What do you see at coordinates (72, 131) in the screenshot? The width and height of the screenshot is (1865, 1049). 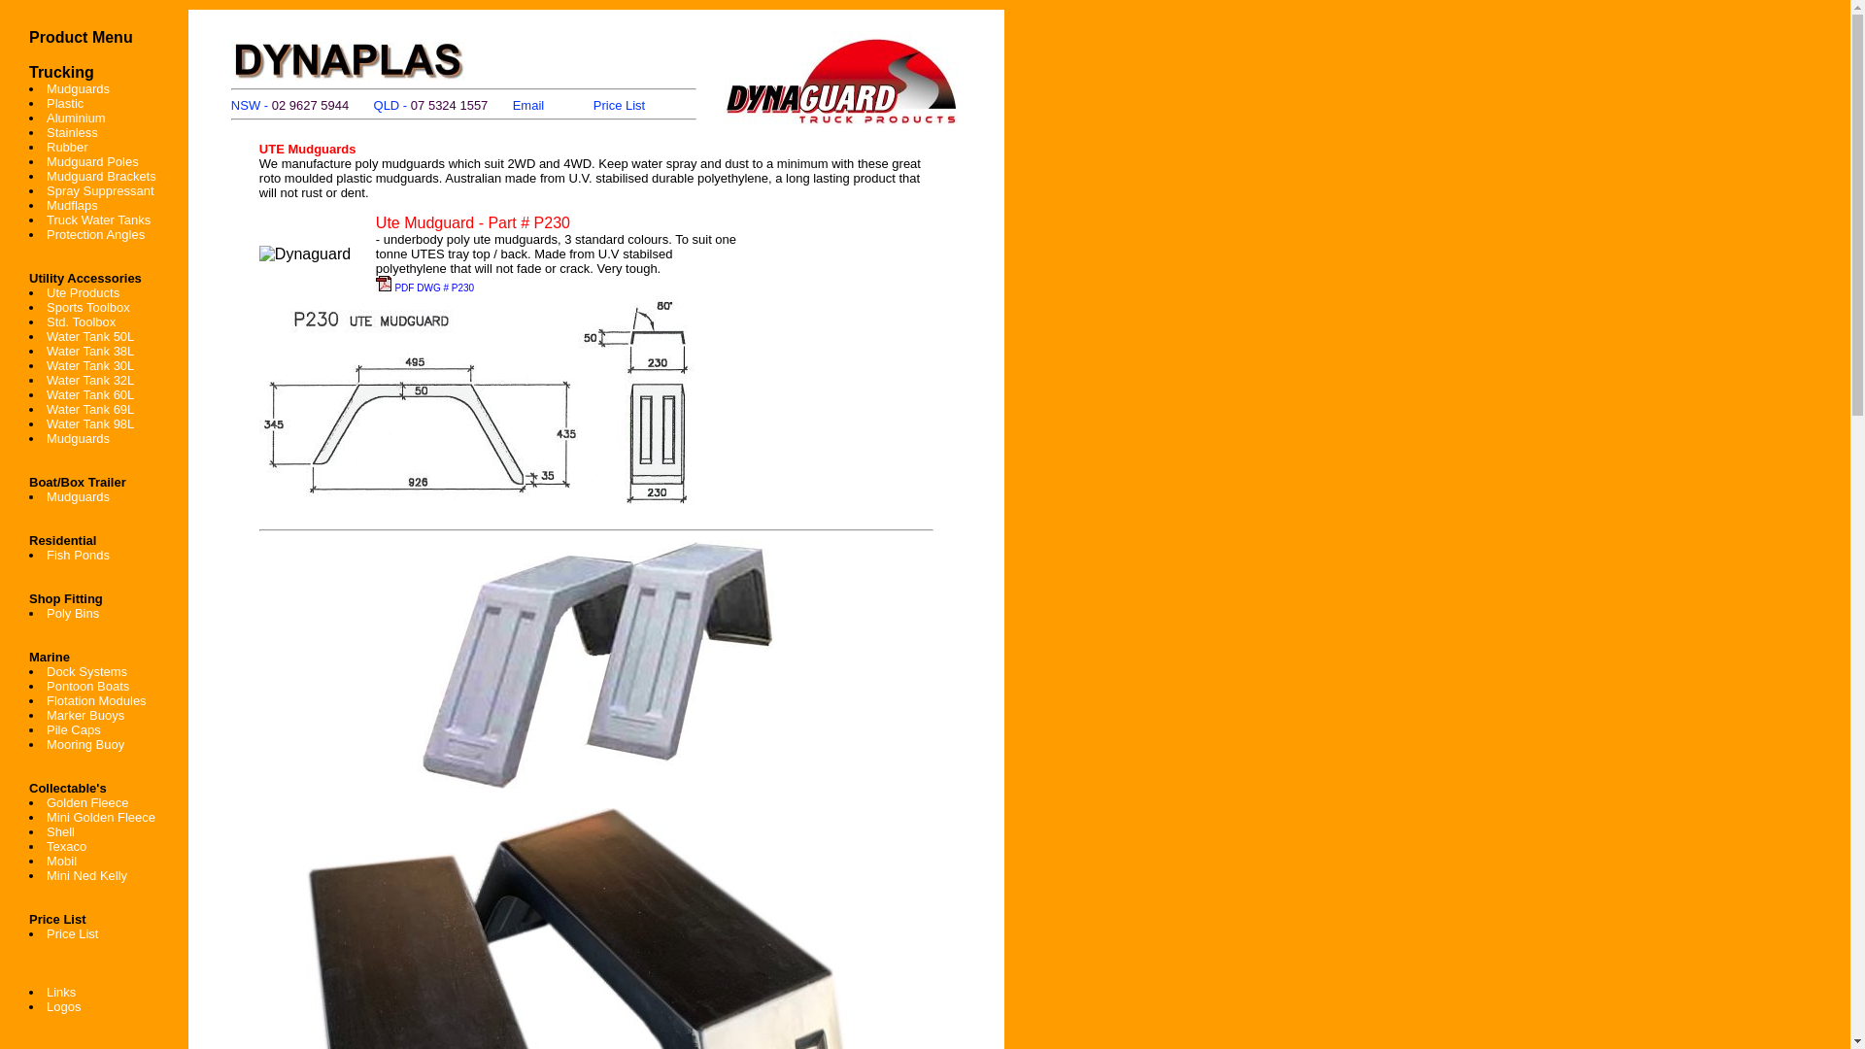 I see `'Stainless'` at bounding box center [72, 131].